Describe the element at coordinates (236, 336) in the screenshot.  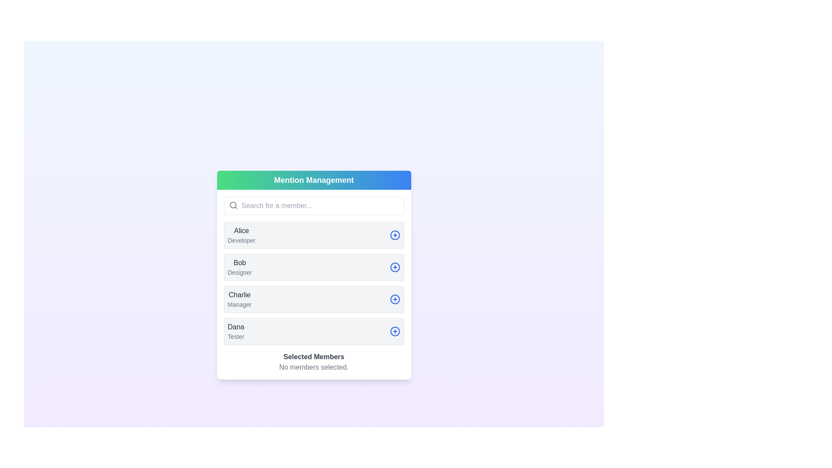
I see `the text label displaying 'Tester' located underneath the name 'Dana' in the 'Mention Management' panel` at that location.